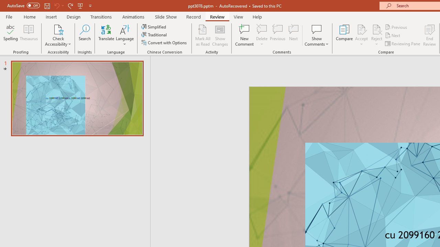  What do you see at coordinates (361, 35) in the screenshot?
I see `'Accept'` at bounding box center [361, 35].